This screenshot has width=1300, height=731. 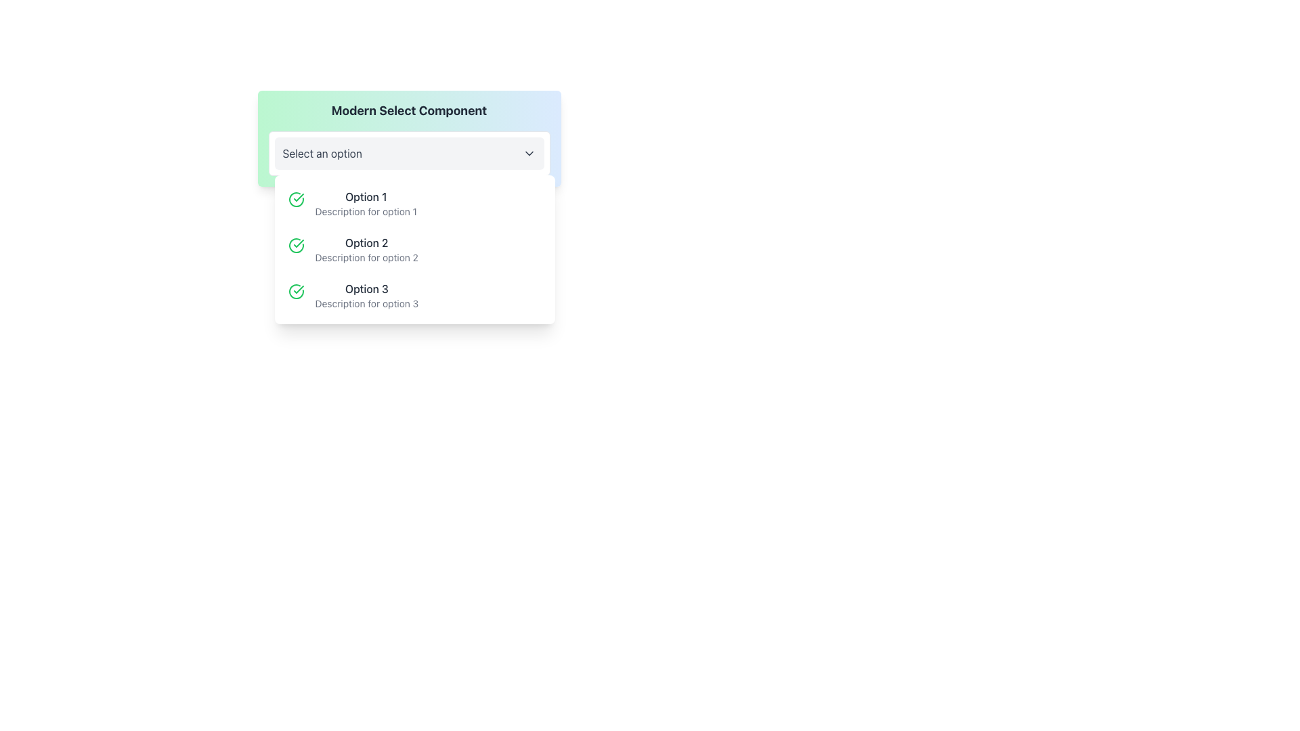 I want to click on green checkmark SVG icon indicating selection next to 'Option 2' in the dropdown list for class or style details, so click(x=298, y=198).